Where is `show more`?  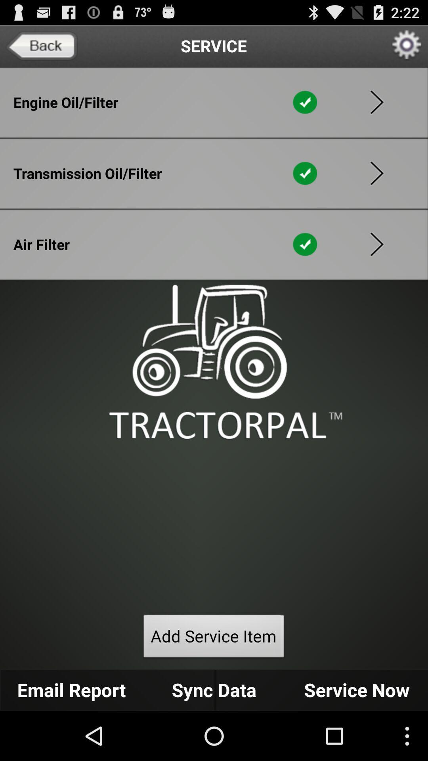
show more is located at coordinates (376, 173).